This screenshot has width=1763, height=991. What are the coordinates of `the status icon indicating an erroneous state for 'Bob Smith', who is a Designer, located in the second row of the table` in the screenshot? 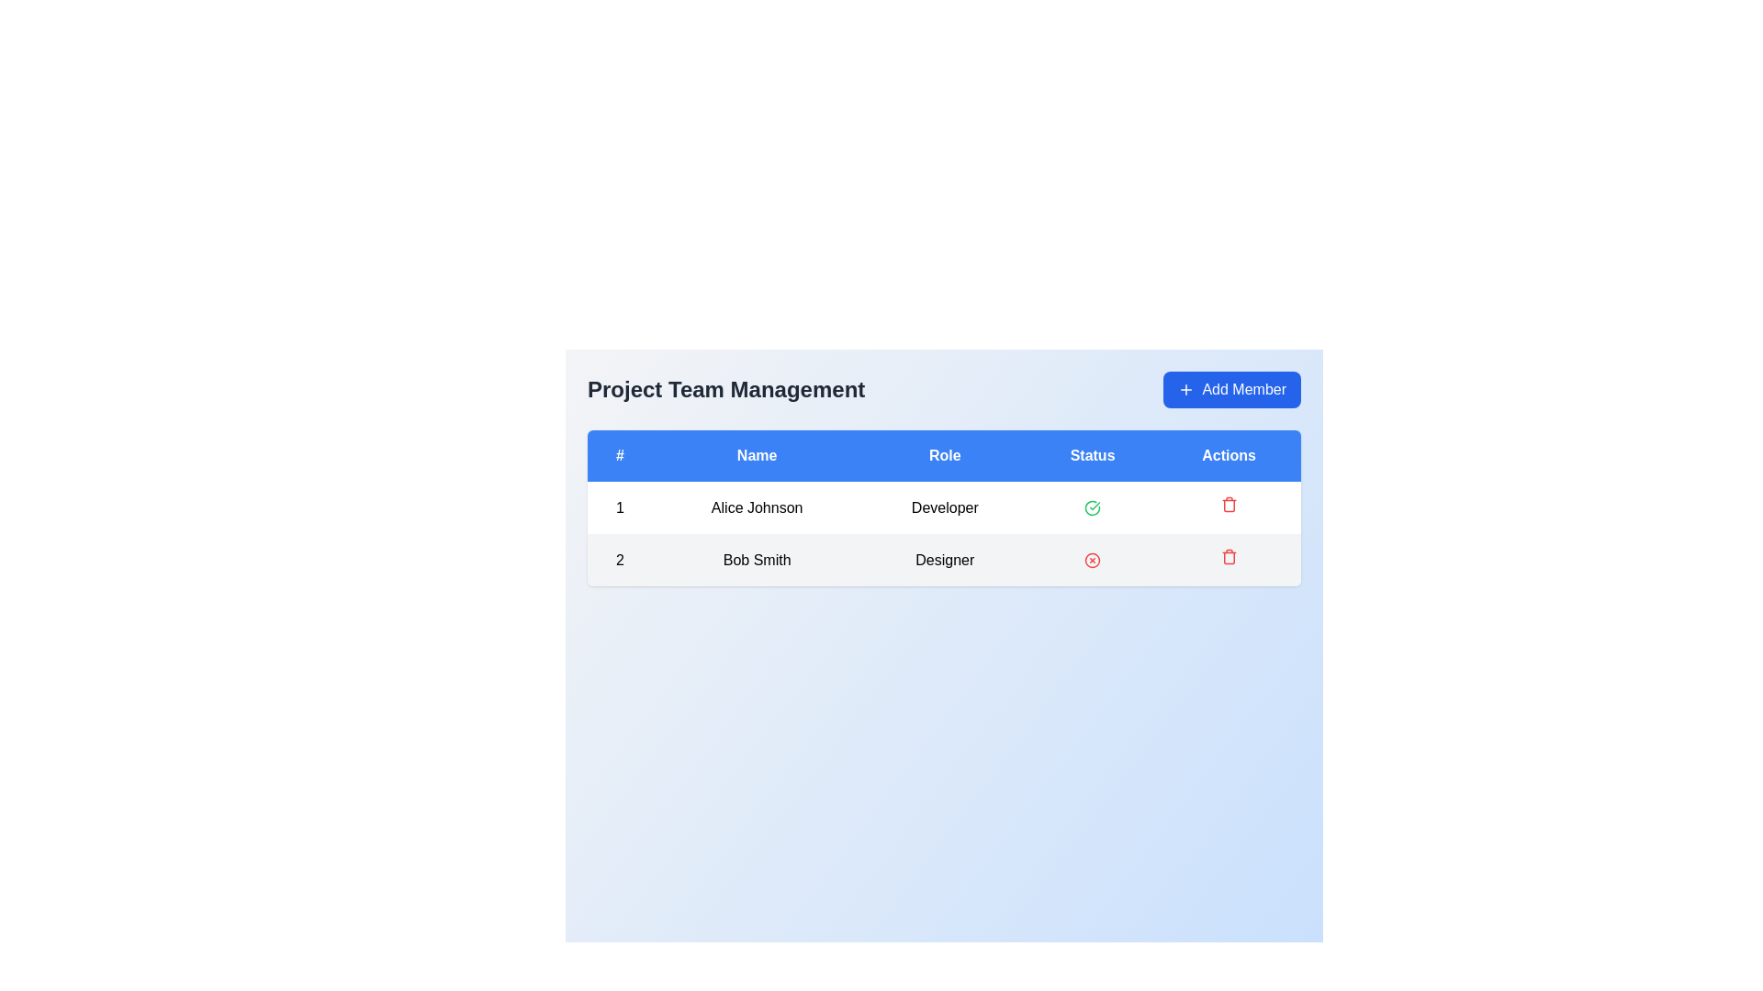 It's located at (1093, 559).